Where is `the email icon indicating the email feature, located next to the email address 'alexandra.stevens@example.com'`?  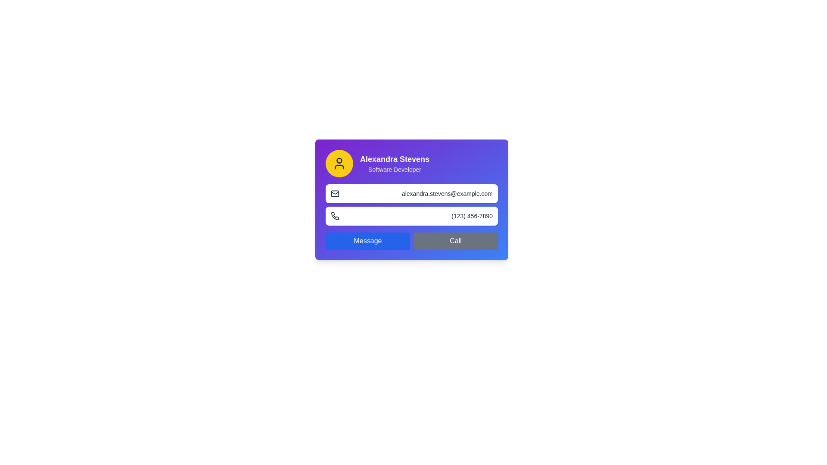
the email icon indicating the email feature, located next to the email address 'alexandra.stevens@example.com' is located at coordinates (334, 194).